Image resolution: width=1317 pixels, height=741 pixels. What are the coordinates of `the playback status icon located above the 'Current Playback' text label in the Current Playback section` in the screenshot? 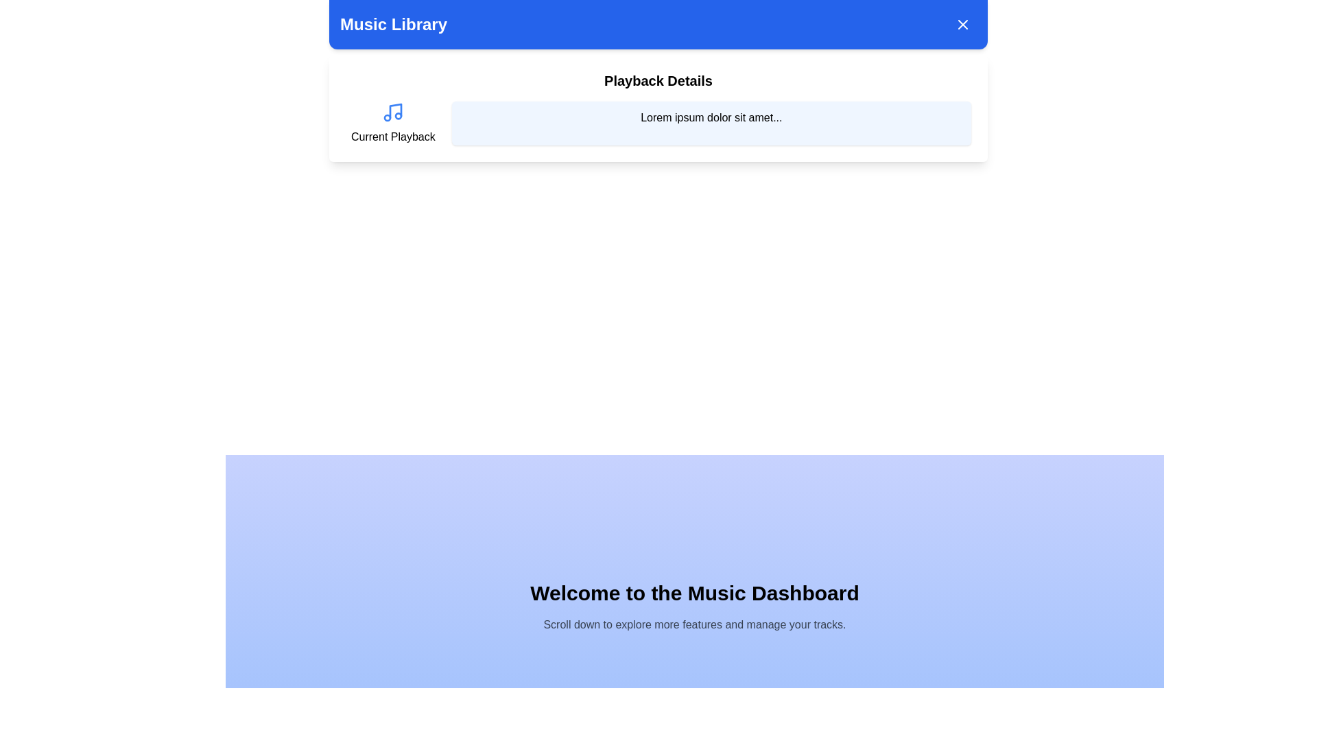 It's located at (392, 112).